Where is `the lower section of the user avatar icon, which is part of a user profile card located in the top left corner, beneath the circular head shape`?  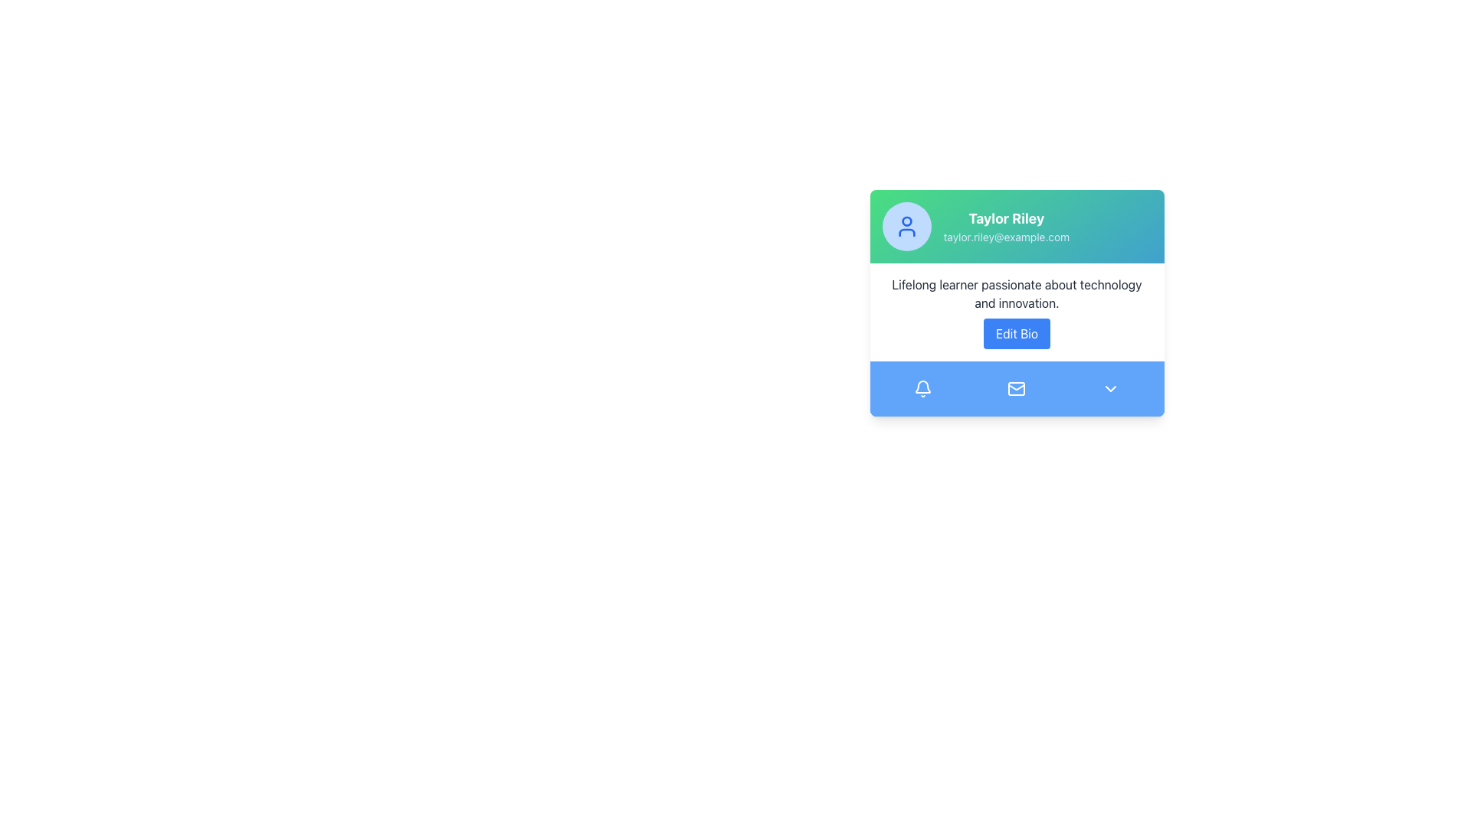 the lower section of the user avatar icon, which is part of a user profile card located in the top left corner, beneath the circular head shape is located at coordinates (906, 233).